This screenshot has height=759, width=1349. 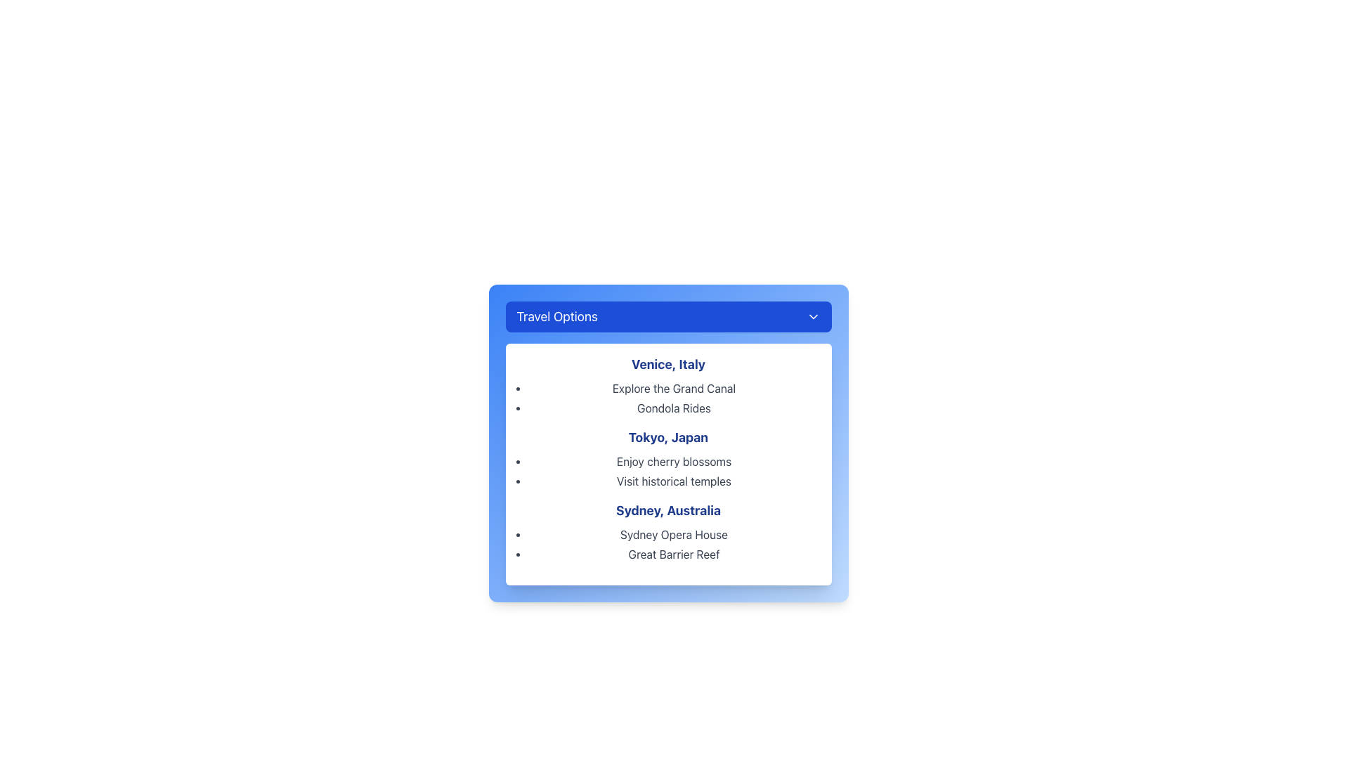 What do you see at coordinates (673, 544) in the screenshot?
I see `each attraction name listed under the 'Sydney, Australia' section, which is positioned directly below the blue, bold heading` at bounding box center [673, 544].